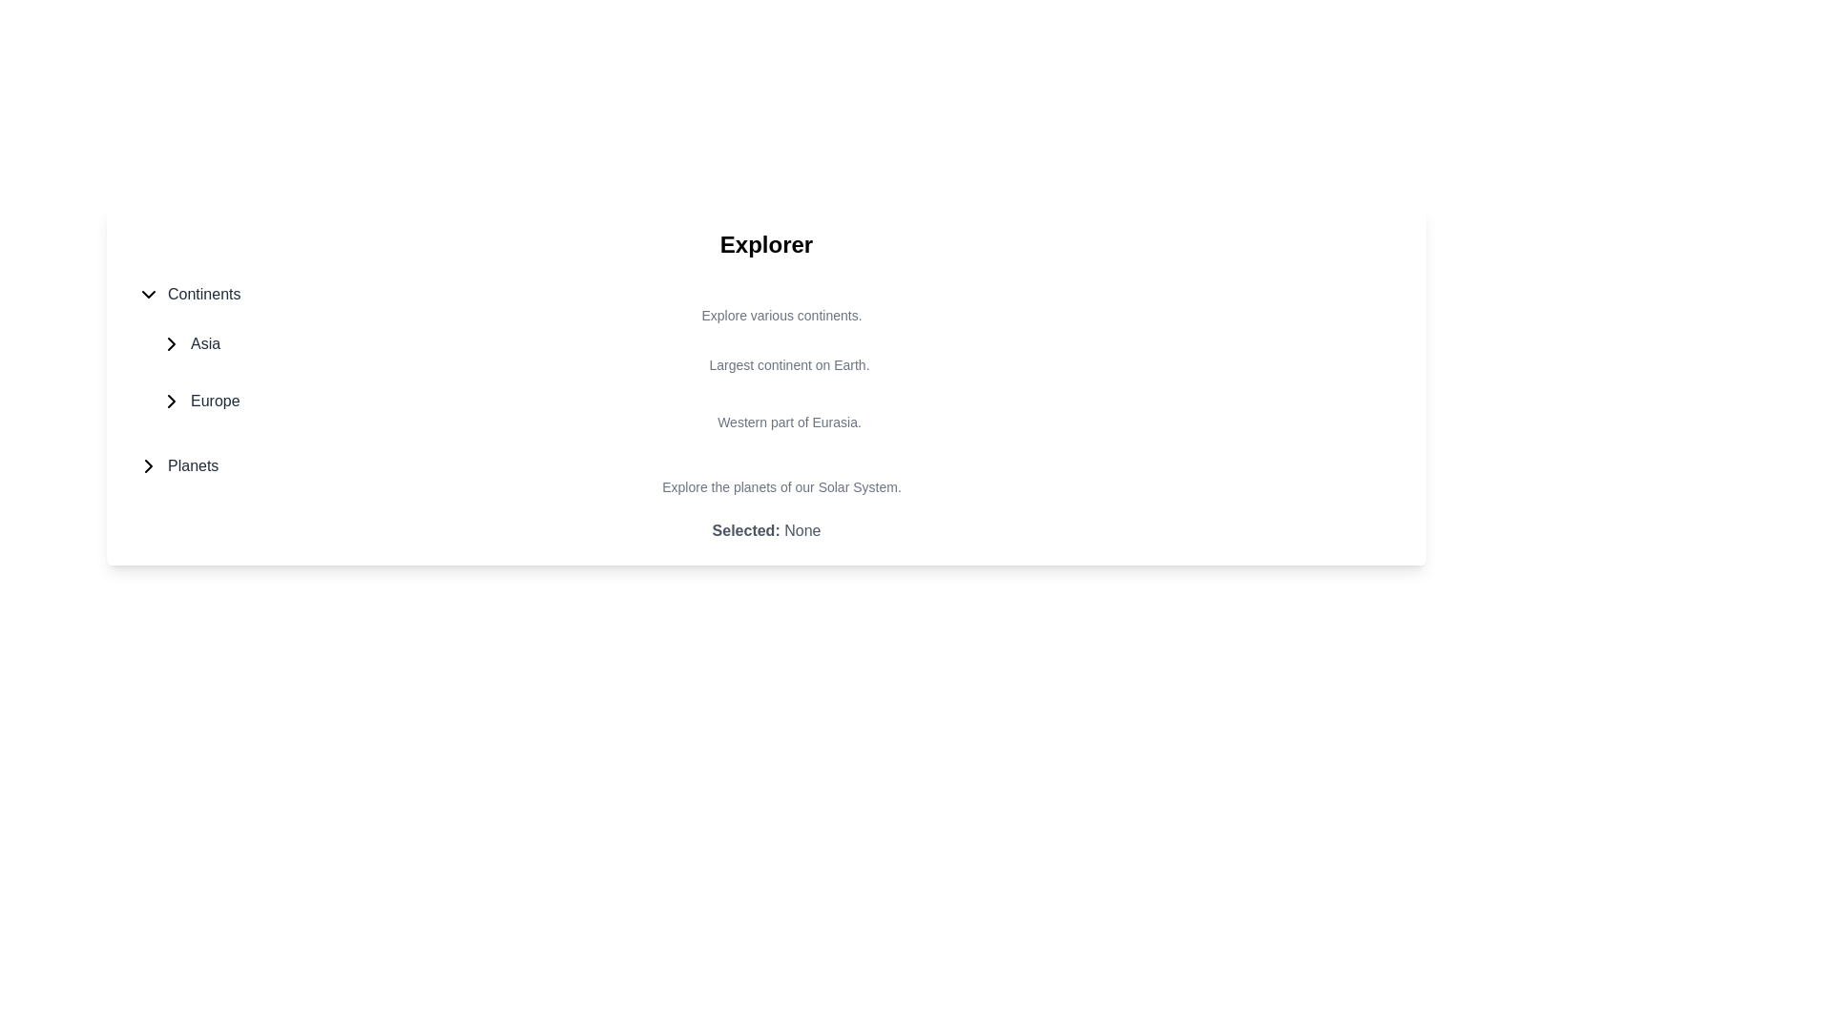 The width and height of the screenshot is (1832, 1030). I want to click on the 'Planets' text label within the navigation menu, so click(193, 466).